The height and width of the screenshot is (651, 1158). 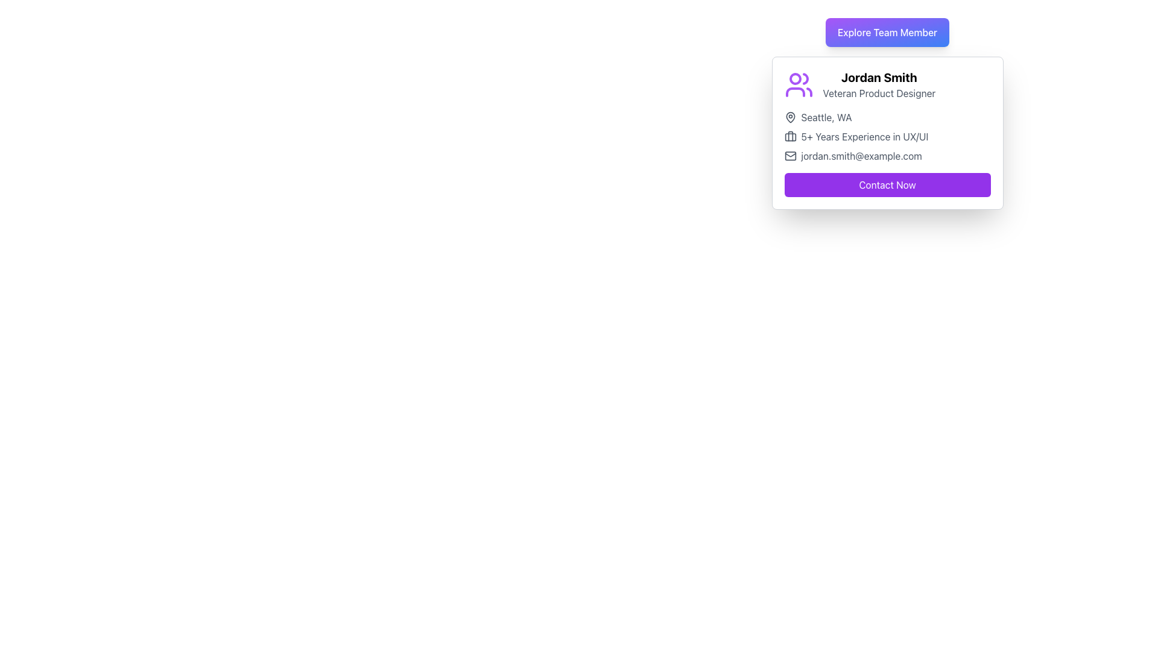 I want to click on on the email envelope icon located within the contact information card, so click(x=790, y=155).